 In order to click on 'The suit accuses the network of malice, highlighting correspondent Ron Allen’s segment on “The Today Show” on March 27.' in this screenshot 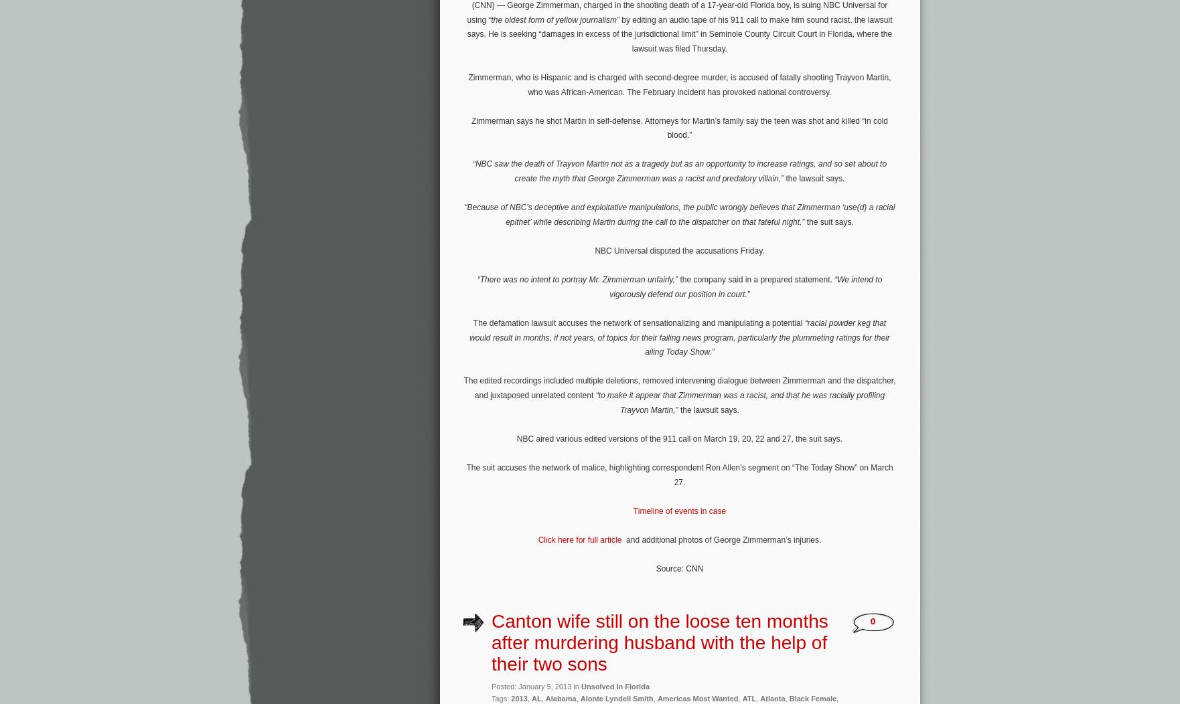, I will do `click(679, 474)`.